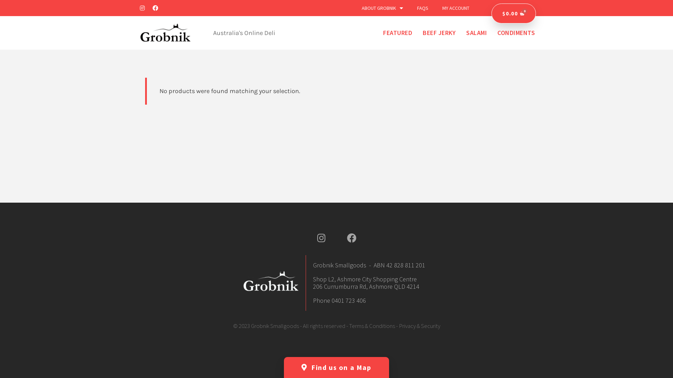  What do you see at coordinates (514, 13) in the screenshot?
I see `'$0.00'` at bounding box center [514, 13].